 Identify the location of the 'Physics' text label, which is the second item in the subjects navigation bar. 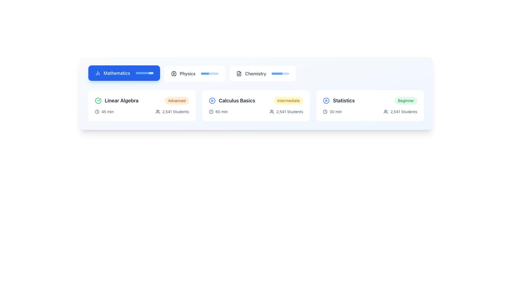
(187, 73).